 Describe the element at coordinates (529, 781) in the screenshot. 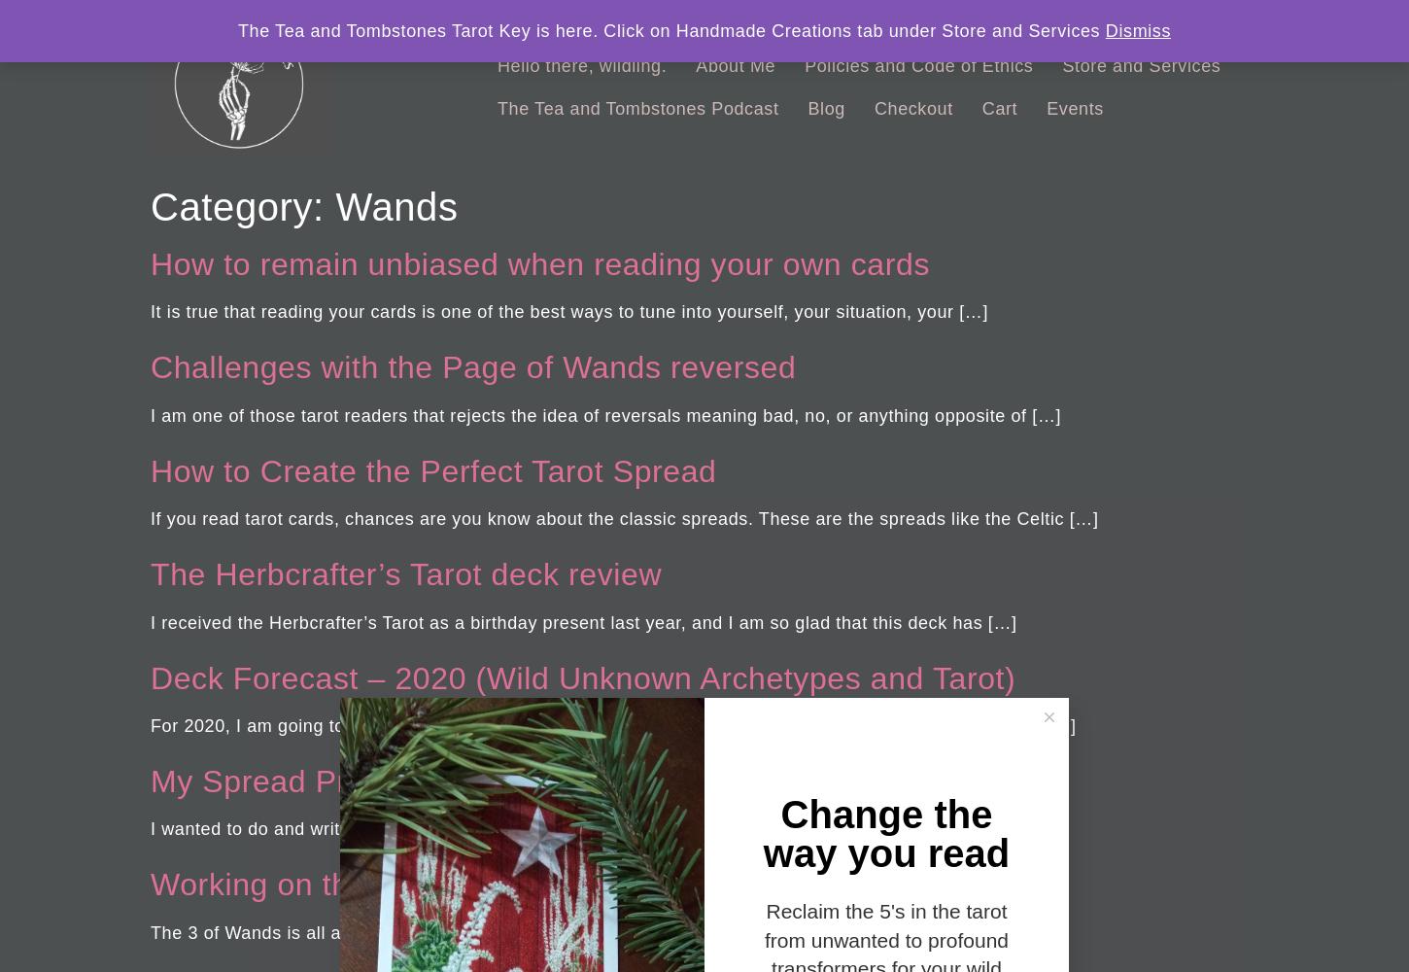

I see `'My Spread Pricing and Why I Don’t Charge Per Hour'` at that location.